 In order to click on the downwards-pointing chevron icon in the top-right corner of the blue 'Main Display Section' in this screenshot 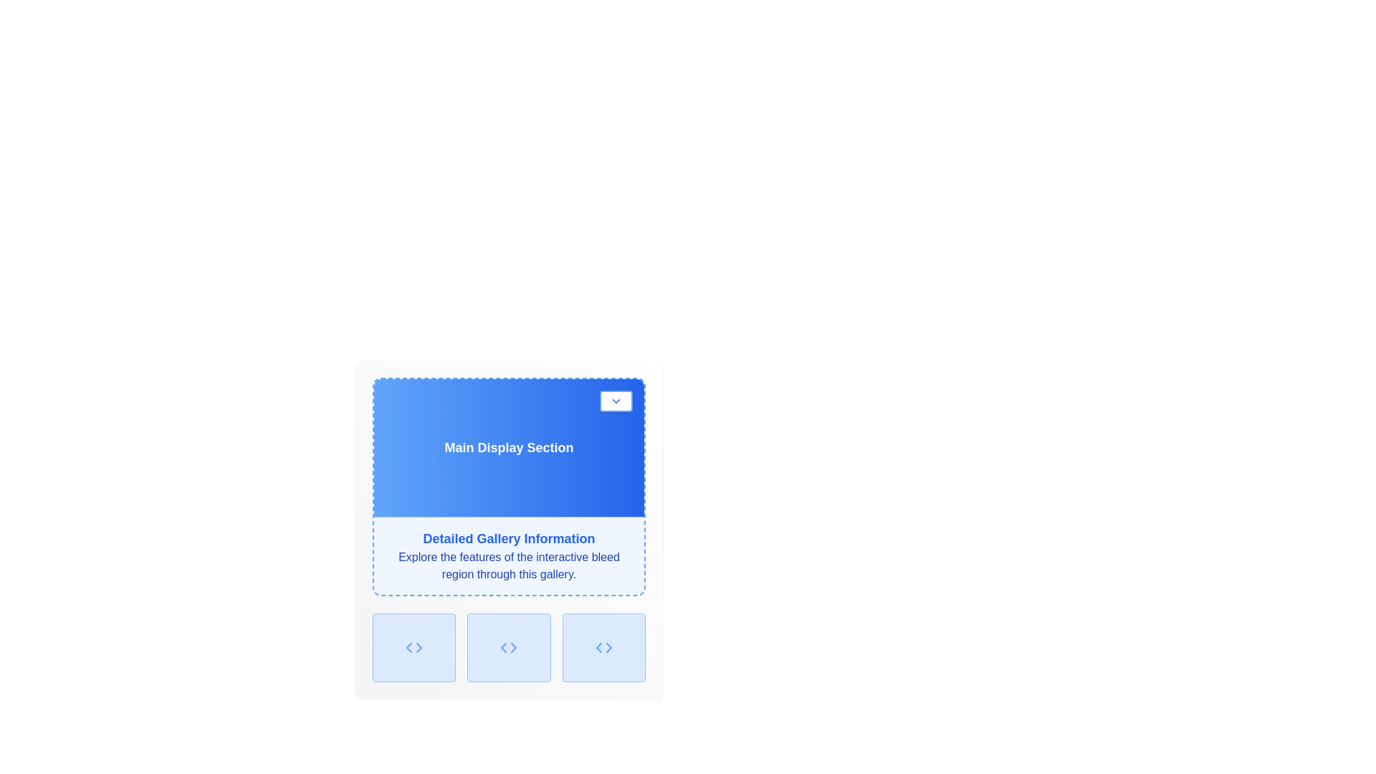, I will do `click(616, 401)`.